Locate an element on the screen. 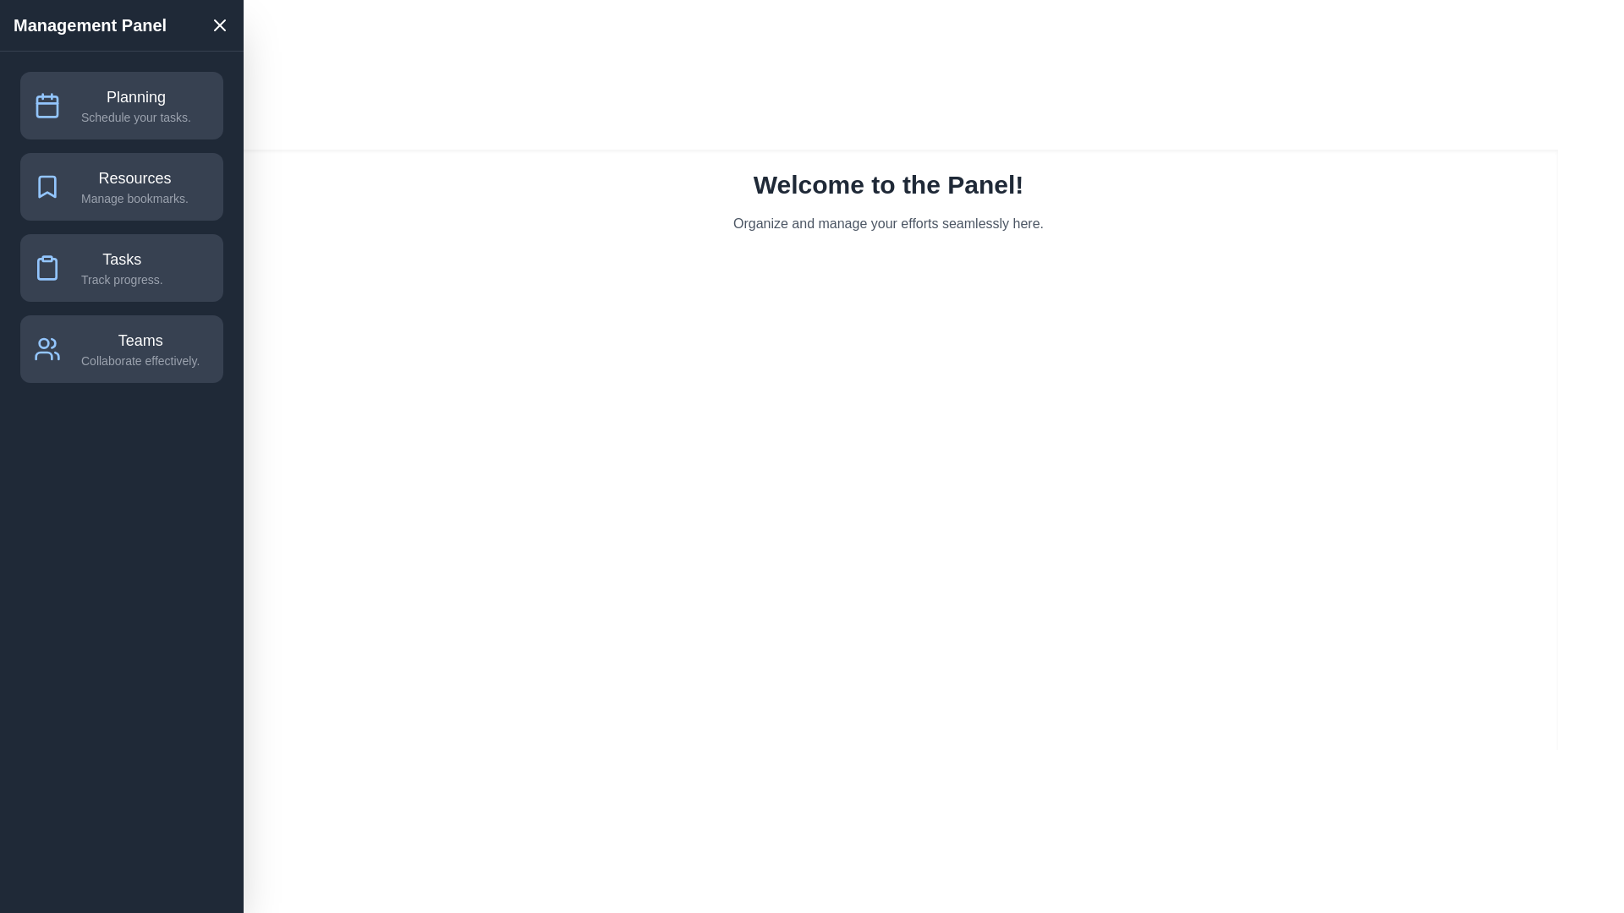 The image size is (1624, 913). the menu item Tasks to observe its hover effect is located at coordinates (121, 266).